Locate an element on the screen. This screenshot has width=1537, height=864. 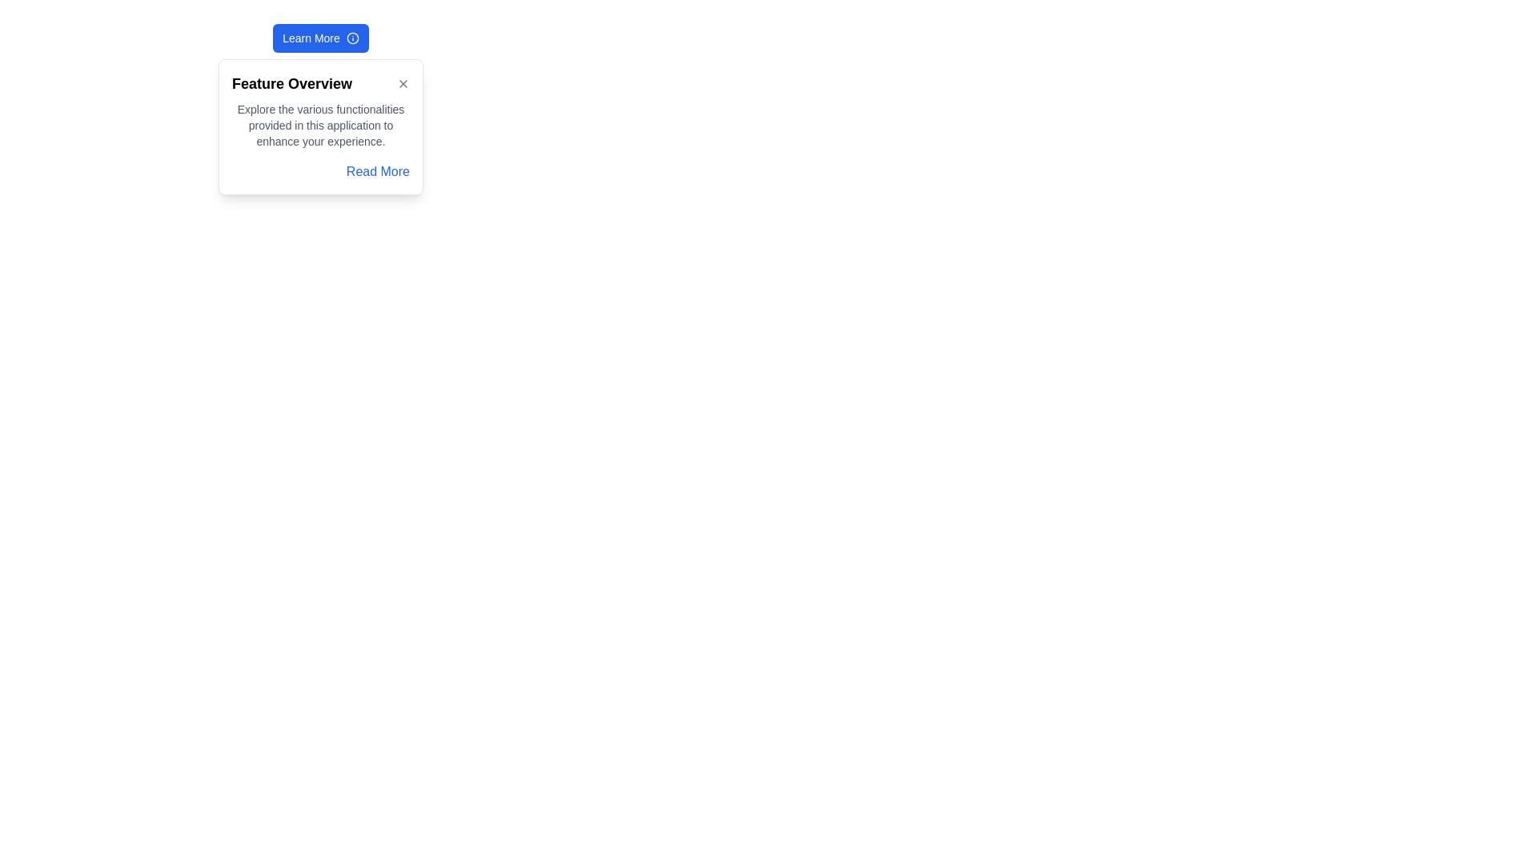
the 'Read More' hyperlink located at the bottom right corner of the white informational card titled 'Feature Overview' is located at coordinates (376, 170).